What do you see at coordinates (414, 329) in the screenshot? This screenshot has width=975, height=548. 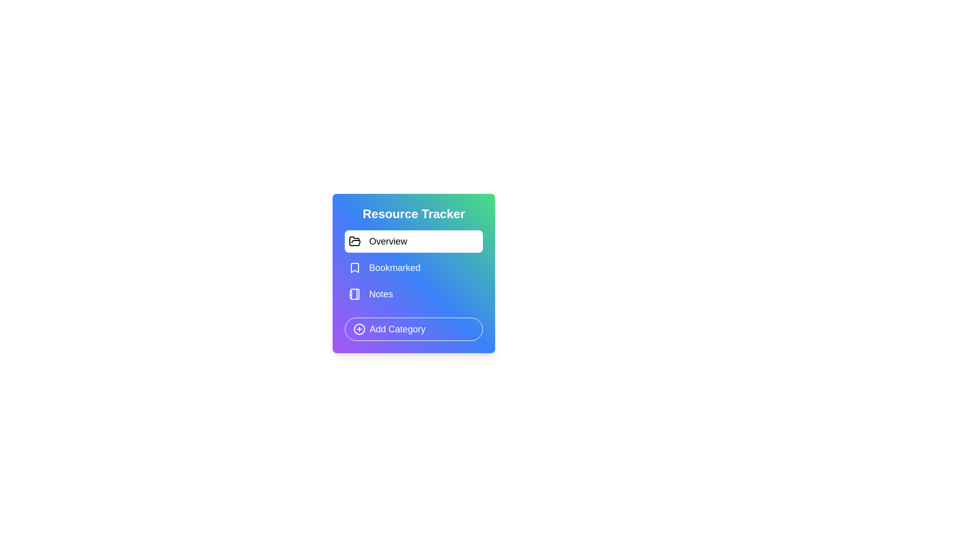 I see `the 'Add Category' button to create a new category` at bounding box center [414, 329].